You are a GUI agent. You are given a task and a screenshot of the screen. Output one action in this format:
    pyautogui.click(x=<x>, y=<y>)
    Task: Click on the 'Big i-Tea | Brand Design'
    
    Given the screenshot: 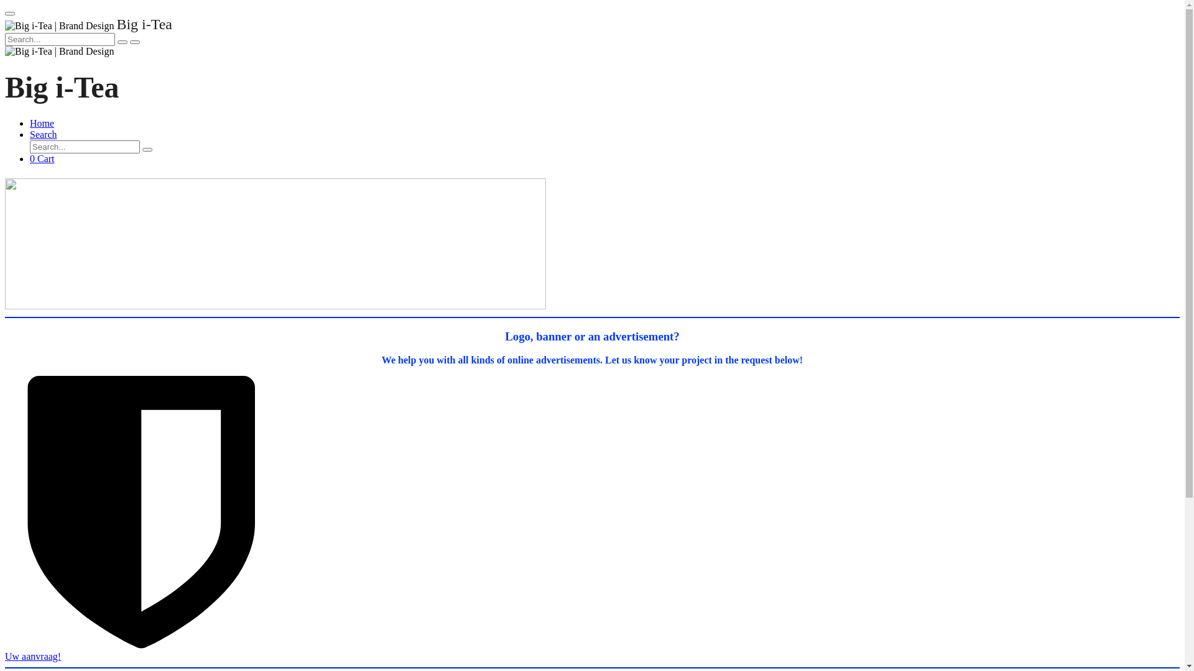 What is the action you would take?
    pyautogui.click(x=58, y=26)
    